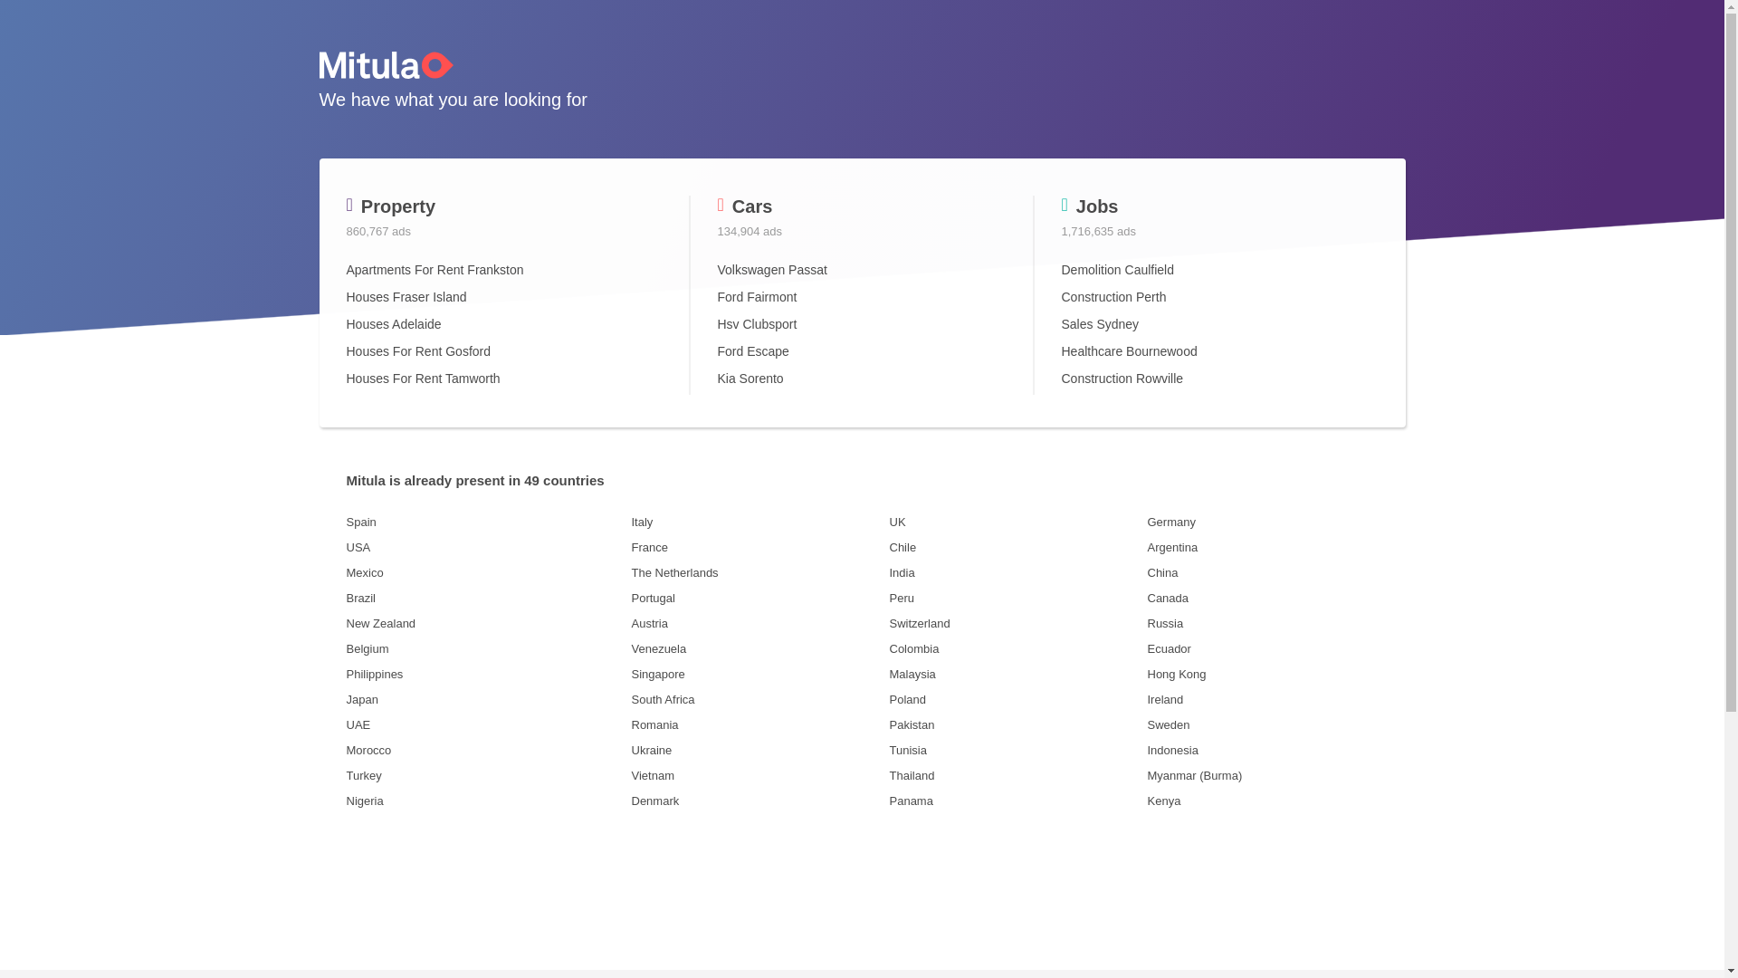 The width and height of the screenshot is (1738, 978). I want to click on 'Turkey', so click(346, 774).